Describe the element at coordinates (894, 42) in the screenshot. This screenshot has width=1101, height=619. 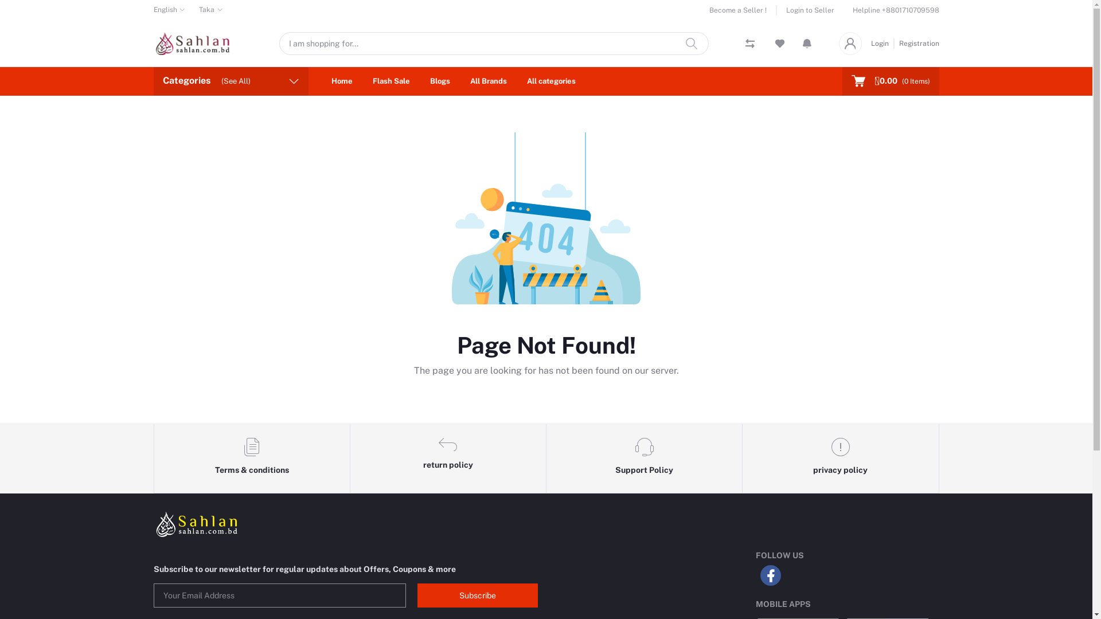
I see `'Registration'` at that location.